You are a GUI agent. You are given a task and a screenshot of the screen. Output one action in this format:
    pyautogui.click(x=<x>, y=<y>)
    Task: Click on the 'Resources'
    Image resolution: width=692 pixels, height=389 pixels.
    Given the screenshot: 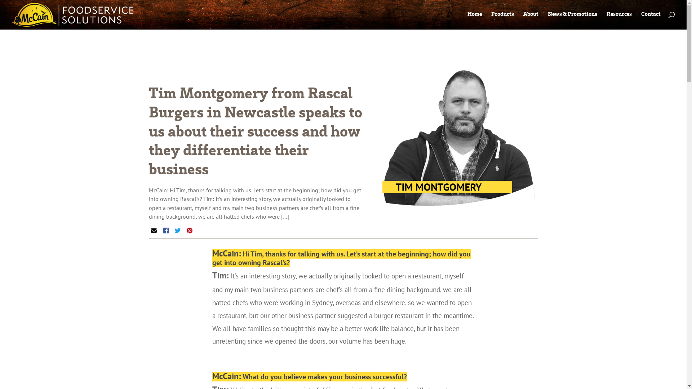 What is the action you would take?
    pyautogui.click(x=619, y=15)
    